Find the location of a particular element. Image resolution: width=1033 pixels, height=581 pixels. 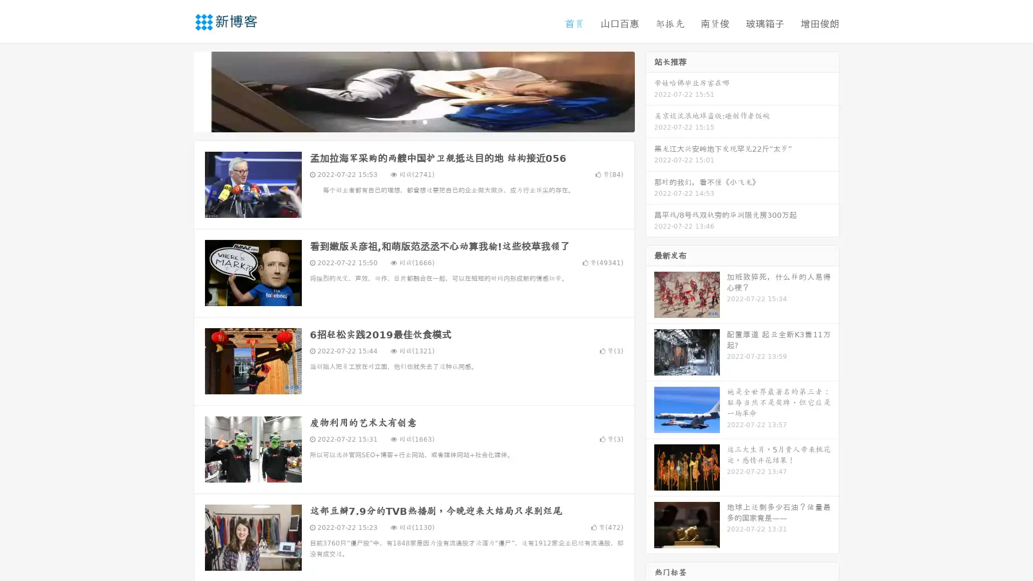

Go to slide 2 is located at coordinates (413, 121).